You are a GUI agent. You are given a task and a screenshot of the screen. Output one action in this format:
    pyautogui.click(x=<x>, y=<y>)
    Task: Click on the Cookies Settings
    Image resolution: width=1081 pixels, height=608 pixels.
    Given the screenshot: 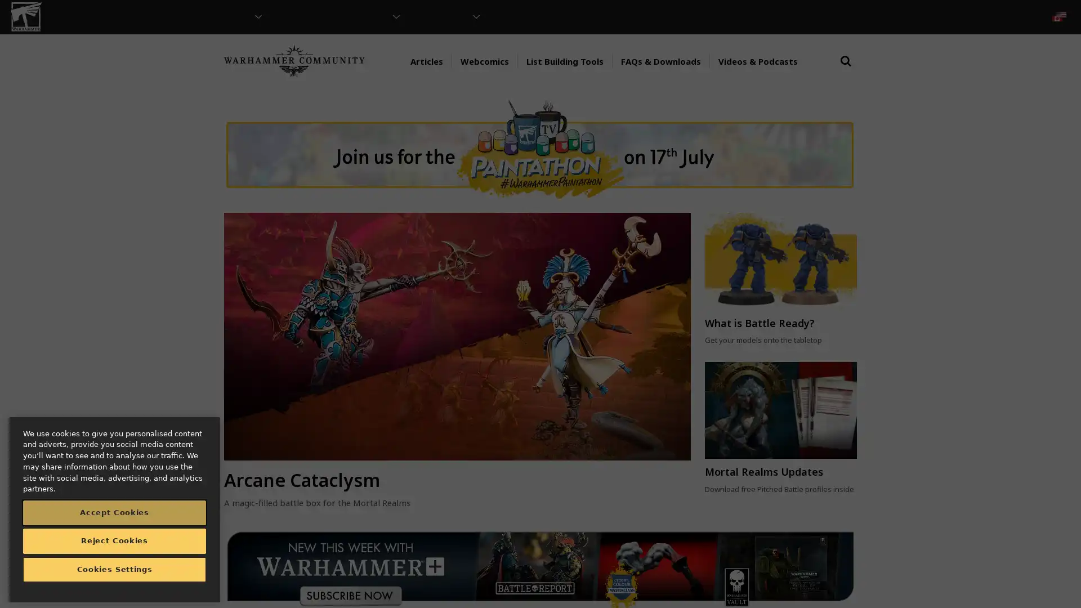 What is the action you would take?
    pyautogui.click(x=114, y=569)
    